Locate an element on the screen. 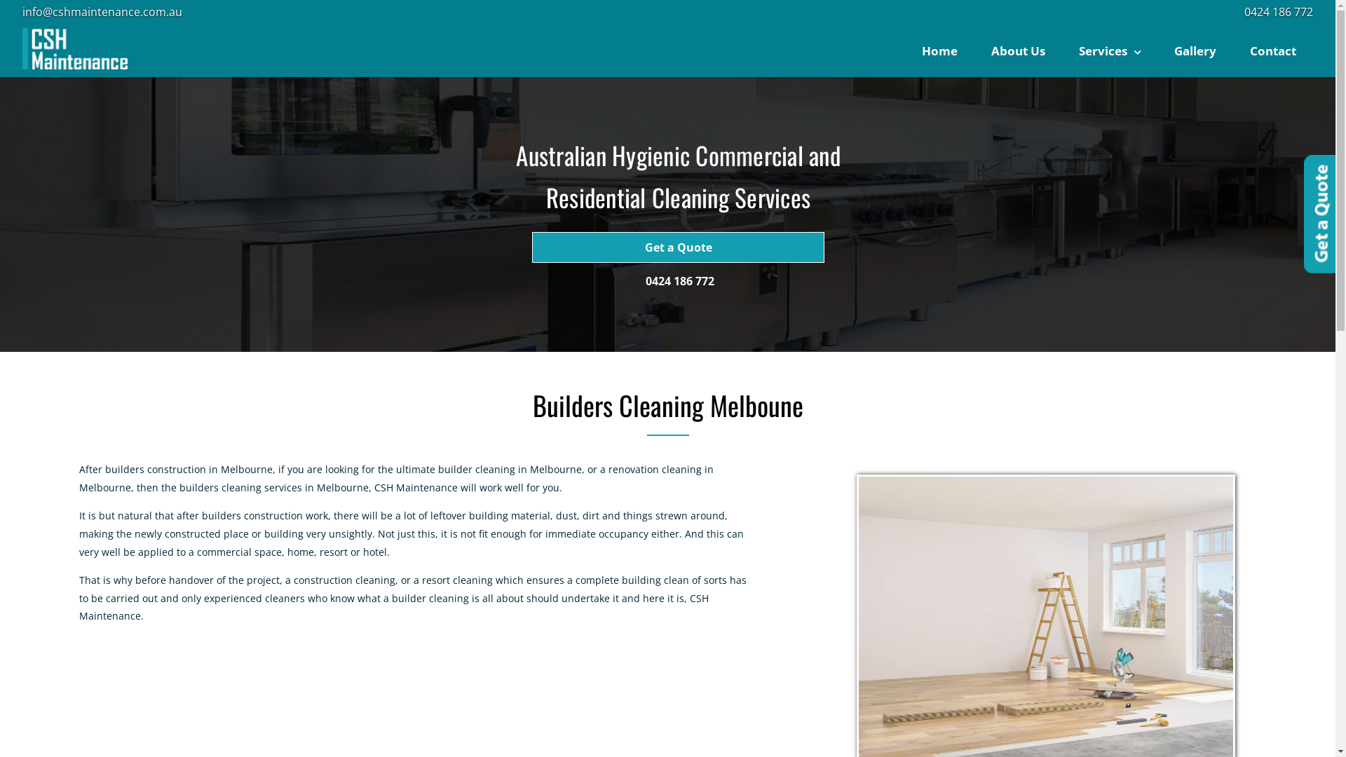  'Contact' is located at coordinates (1272, 50).